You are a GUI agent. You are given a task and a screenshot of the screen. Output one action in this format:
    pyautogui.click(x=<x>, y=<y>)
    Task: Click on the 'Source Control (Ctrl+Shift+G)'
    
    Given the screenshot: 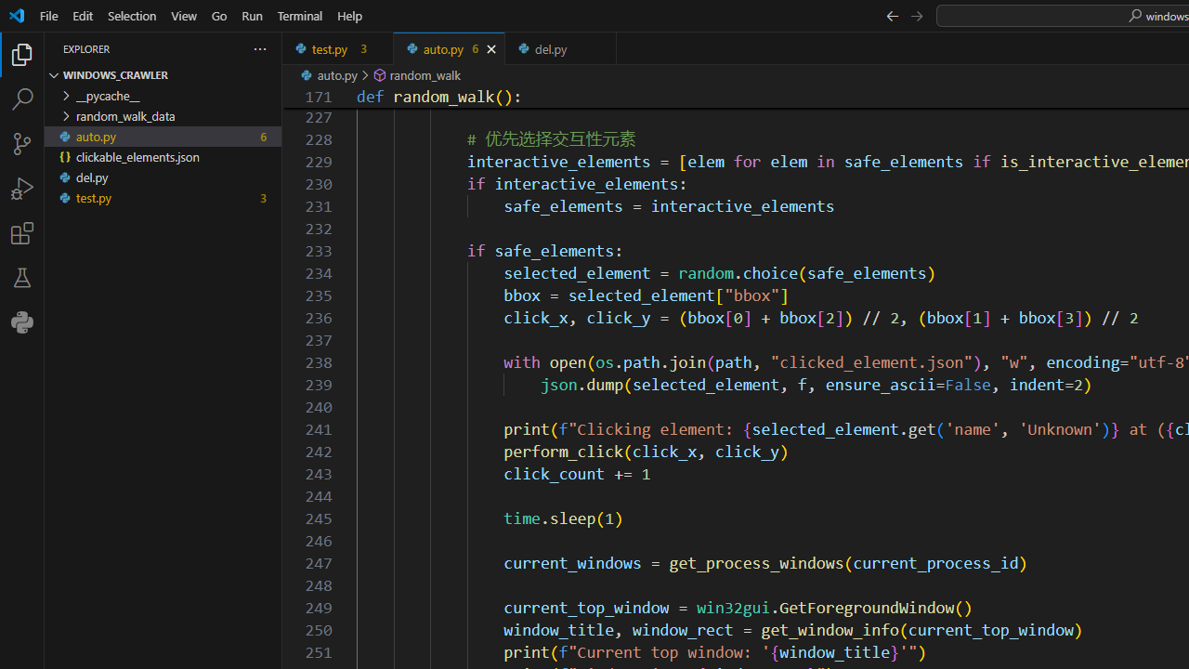 What is the action you would take?
    pyautogui.click(x=22, y=143)
    